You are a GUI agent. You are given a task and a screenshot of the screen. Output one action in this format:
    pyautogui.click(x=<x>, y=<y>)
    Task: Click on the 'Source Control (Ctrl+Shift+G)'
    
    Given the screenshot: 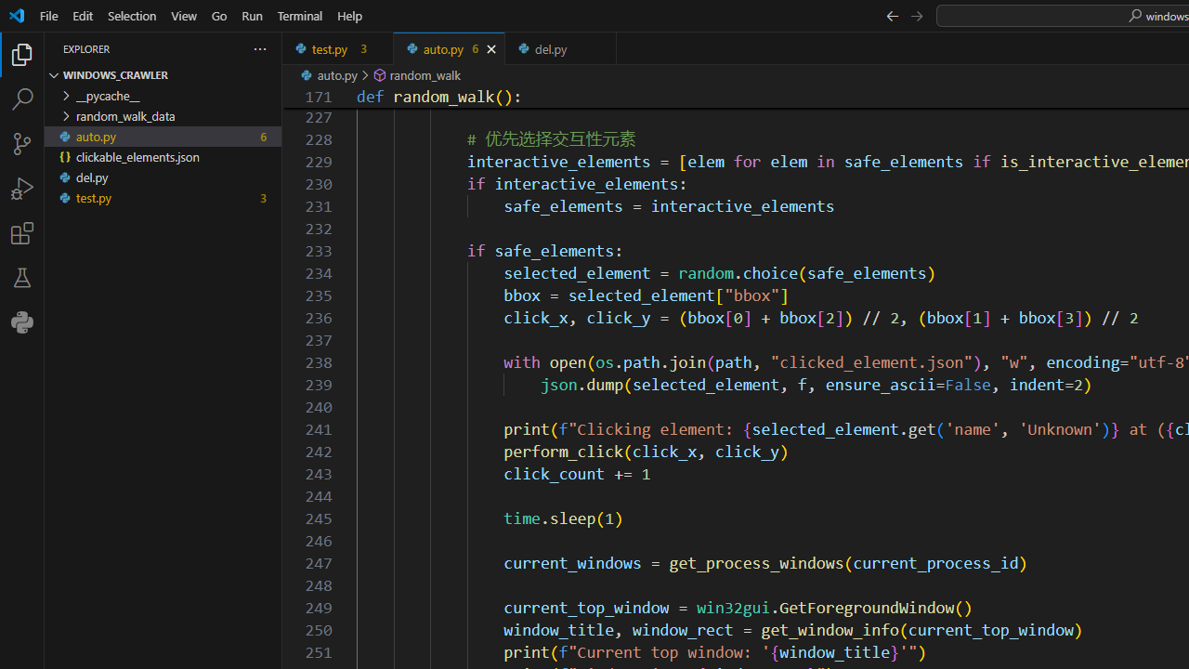 What is the action you would take?
    pyautogui.click(x=22, y=143)
    